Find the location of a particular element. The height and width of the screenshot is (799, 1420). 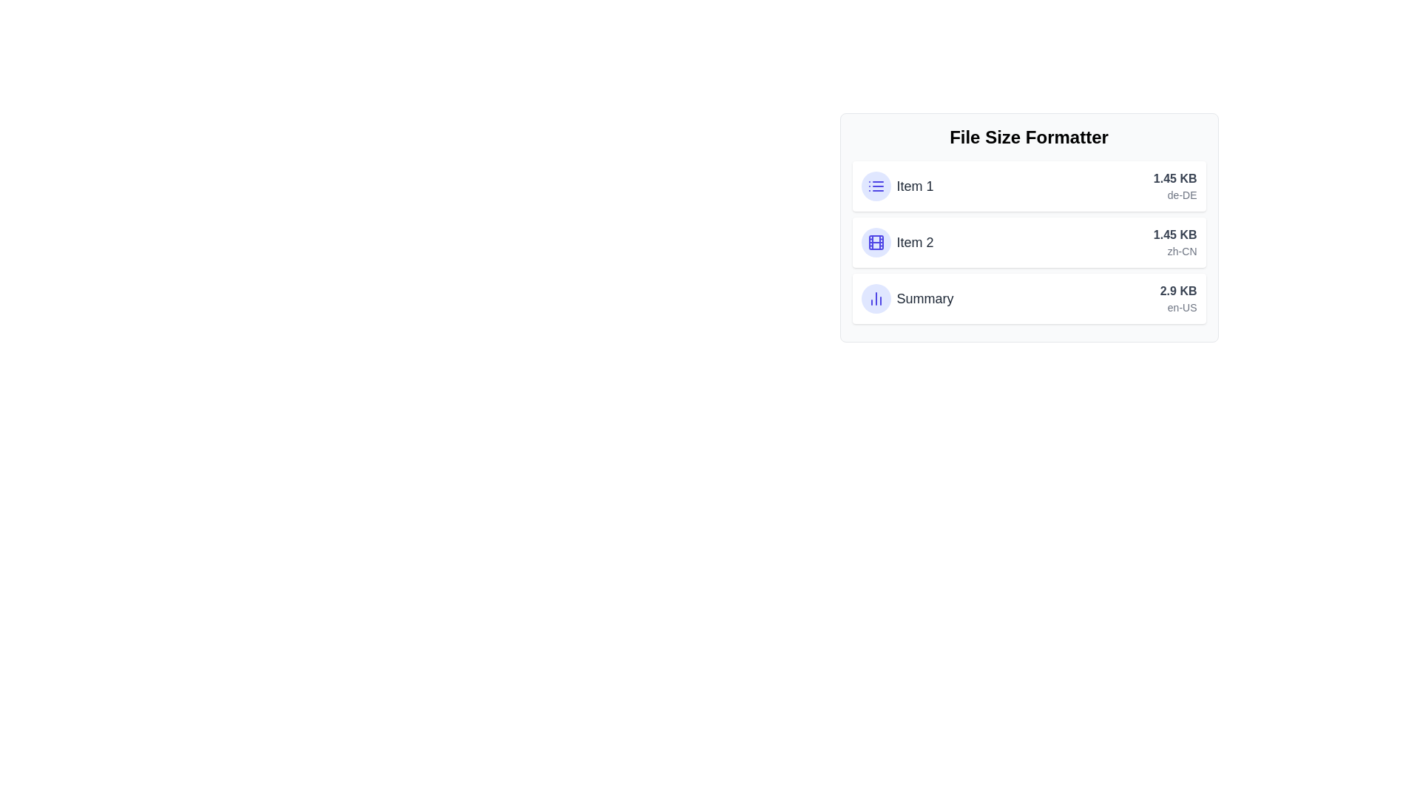

the icon representing a video-related item located in the second row of the 'File Size Formatter' card, to the left of the text labeled 'Item 2' is located at coordinates (876, 241).